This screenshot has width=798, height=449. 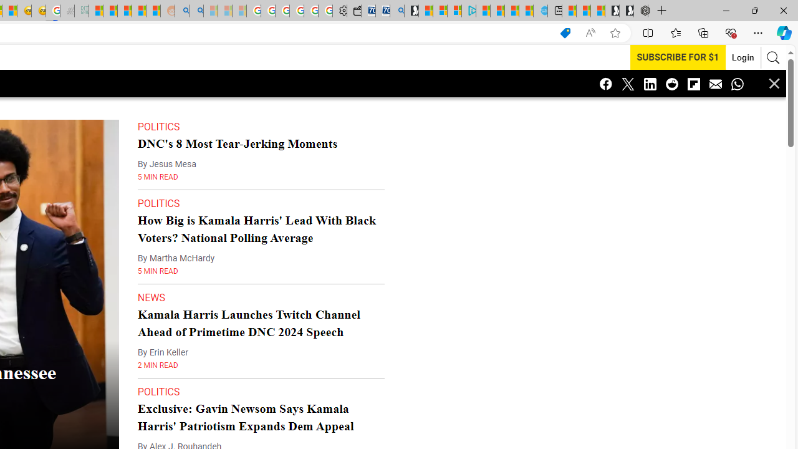 What do you see at coordinates (166, 163) in the screenshot?
I see `'By Jesus Mesa'` at bounding box center [166, 163].